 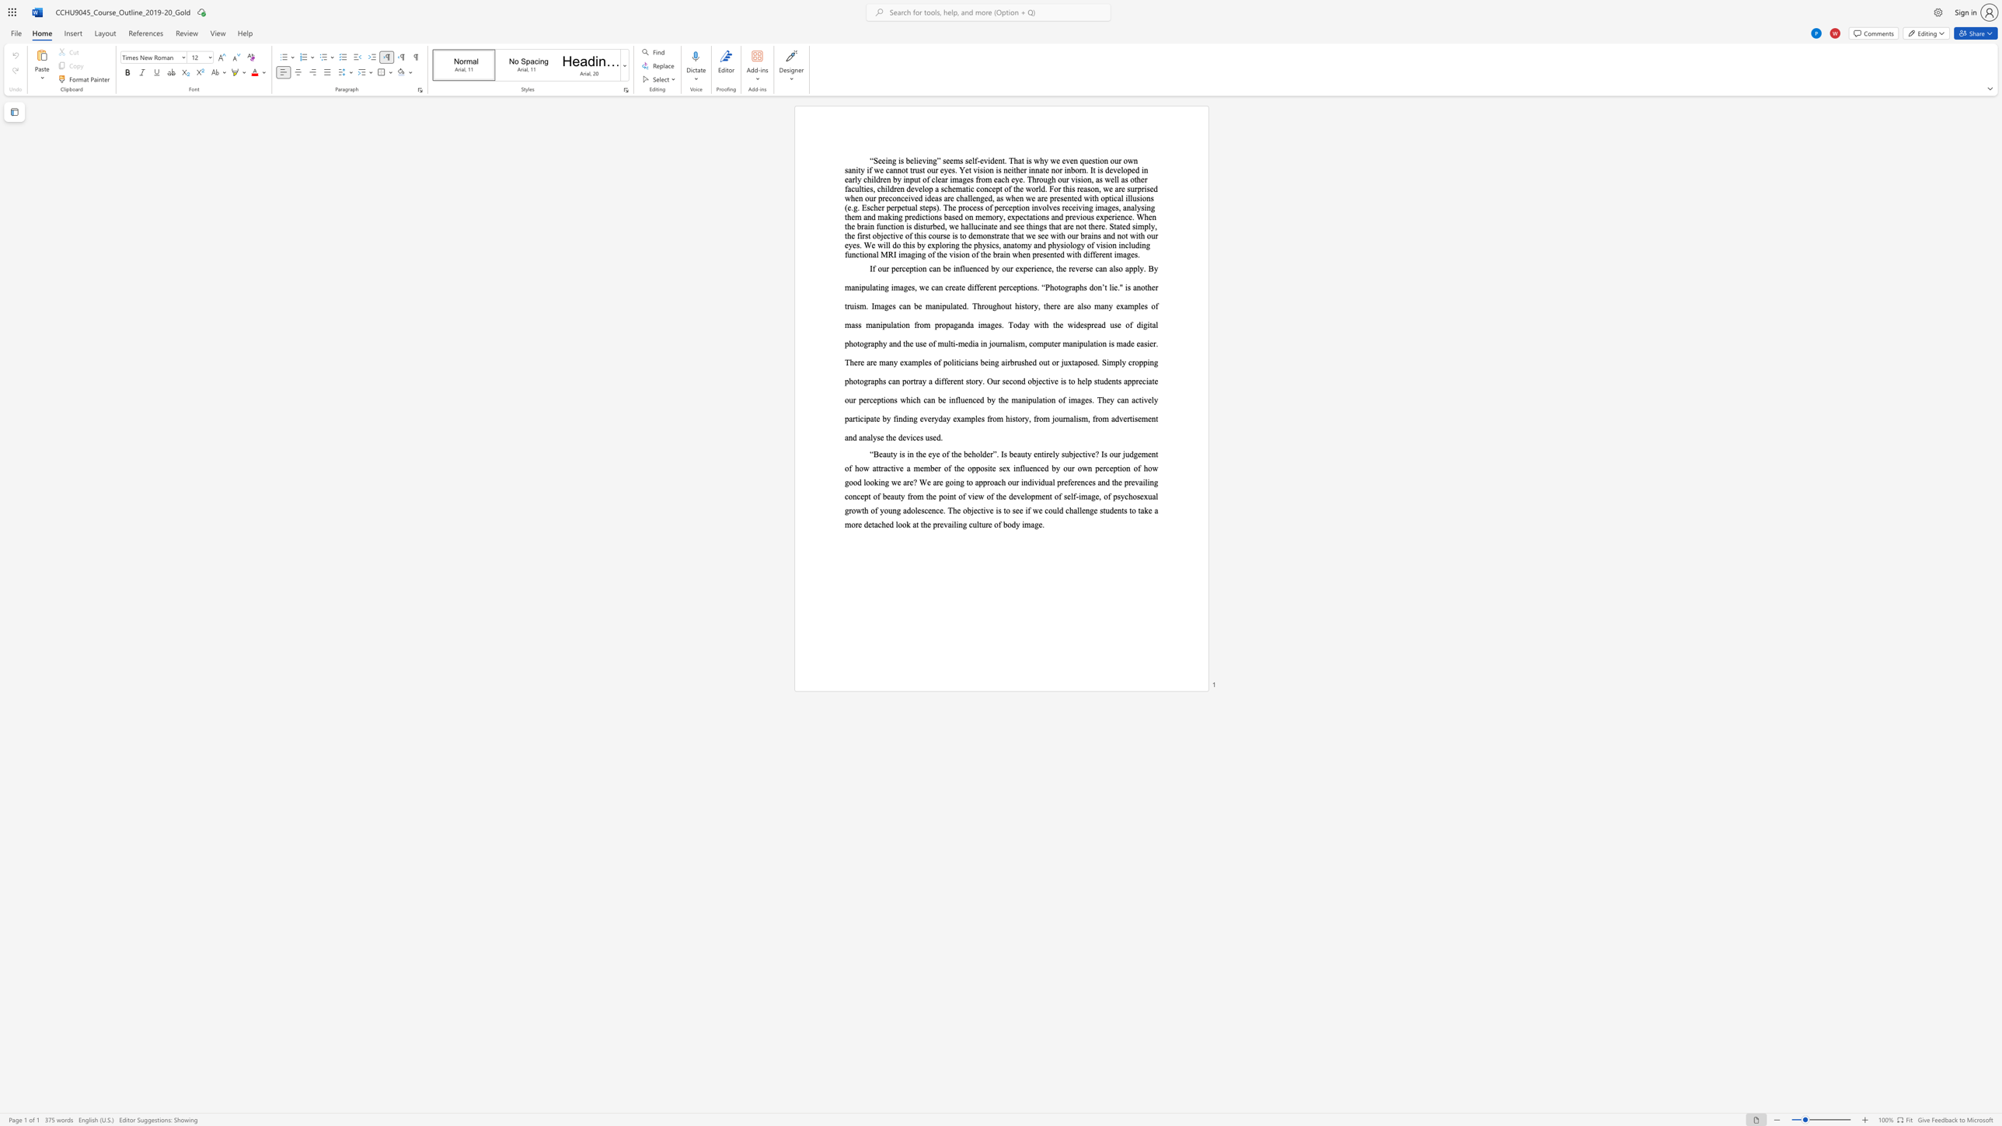 I want to click on the subset text "s. We will do this by explorin" within the text "involves receiving images, analysing them and making predictions based on memory, expectations and previous experience. When the brain function is disturbed, we hallucinate and see things that are not there. Stated simply, the first objective of this course is to demonstrate that we see with our brains and not with our eyes. We will do this by exploring the physics, anatomy and physiology of vision including functional MRI imaging of the vision of the brain when presented with different images.", so click(x=856, y=245).